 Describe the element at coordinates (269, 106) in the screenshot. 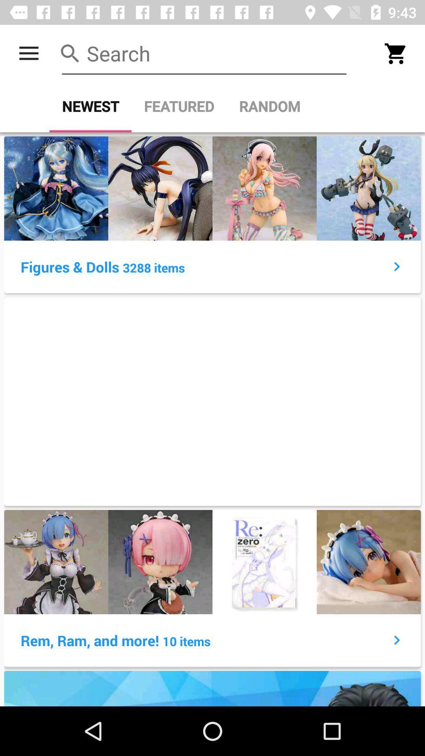

I see `item to the right of the featured icon` at that location.